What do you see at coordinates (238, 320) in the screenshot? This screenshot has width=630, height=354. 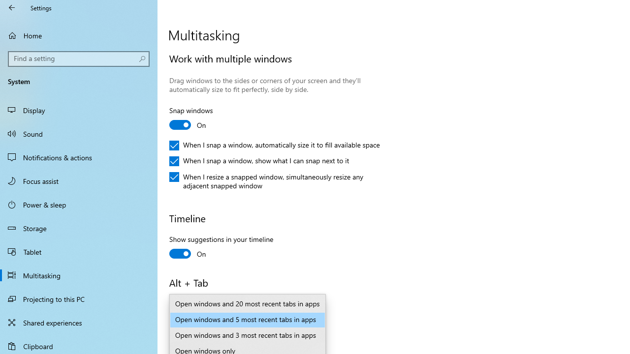 I see `'Pressing Alt + Tab shows'` at bounding box center [238, 320].